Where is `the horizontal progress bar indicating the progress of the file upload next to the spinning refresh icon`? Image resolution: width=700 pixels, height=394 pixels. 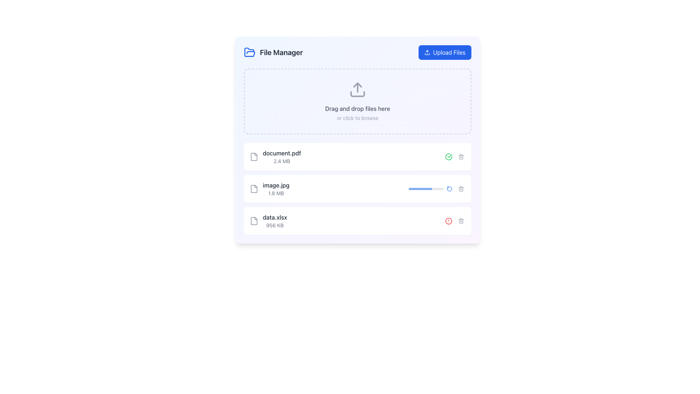 the horizontal progress bar indicating the progress of the file upload next to the spinning refresh icon is located at coordinates (437, 188).